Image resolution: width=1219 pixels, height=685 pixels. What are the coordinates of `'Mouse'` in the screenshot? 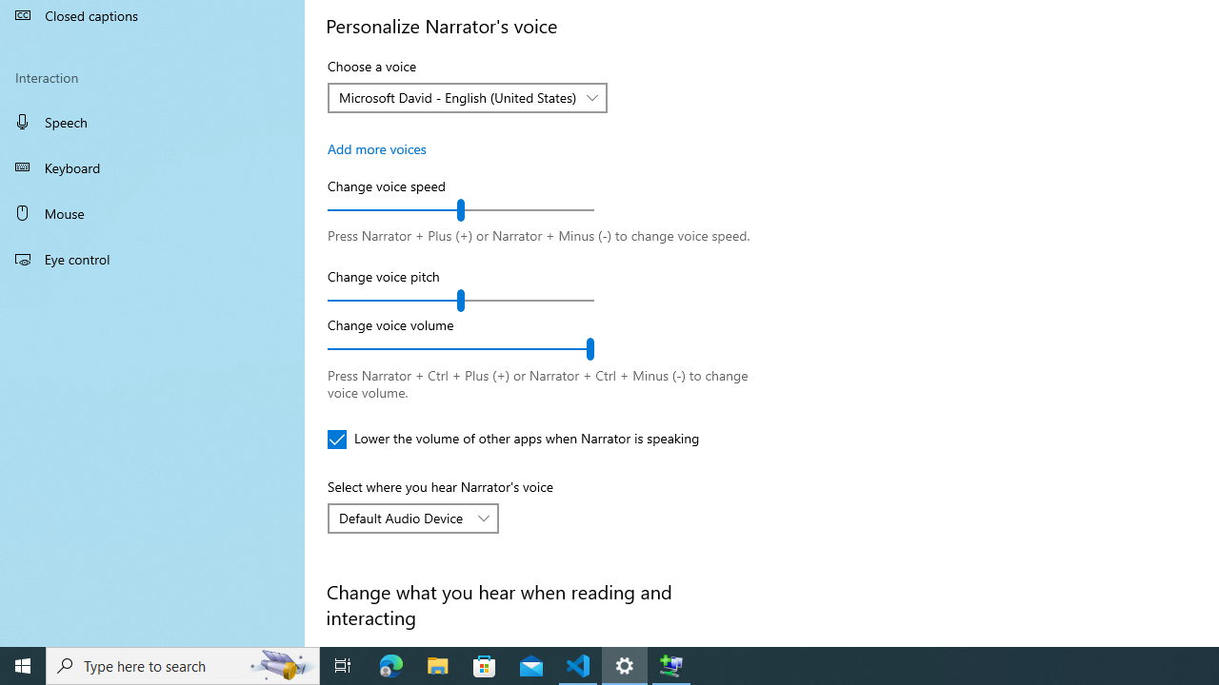 It's located at (152, 212).